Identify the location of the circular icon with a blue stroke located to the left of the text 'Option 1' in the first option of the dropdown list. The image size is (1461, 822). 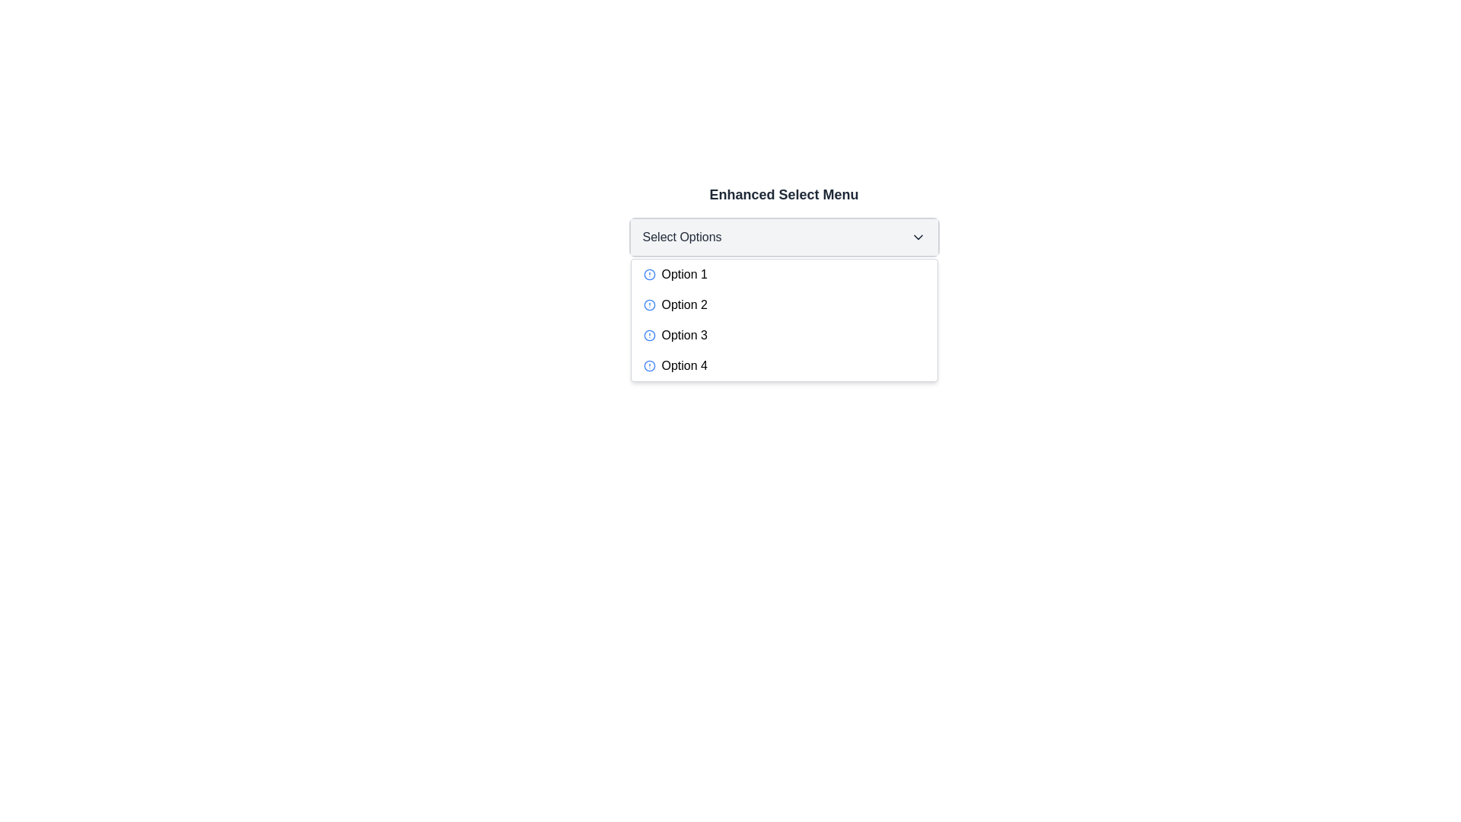
(649, 275).